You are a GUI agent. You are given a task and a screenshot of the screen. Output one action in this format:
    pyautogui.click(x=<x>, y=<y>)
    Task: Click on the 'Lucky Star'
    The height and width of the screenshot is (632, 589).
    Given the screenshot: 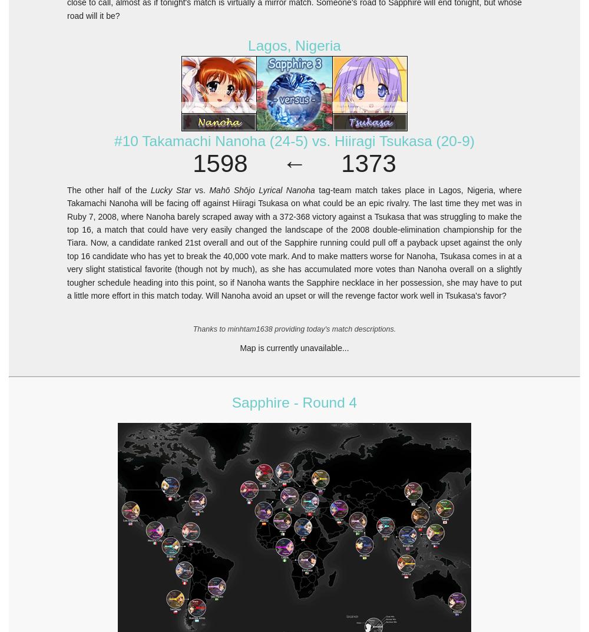 What is the action you would take?
    pyautogui.click(x=170, y=190)
    